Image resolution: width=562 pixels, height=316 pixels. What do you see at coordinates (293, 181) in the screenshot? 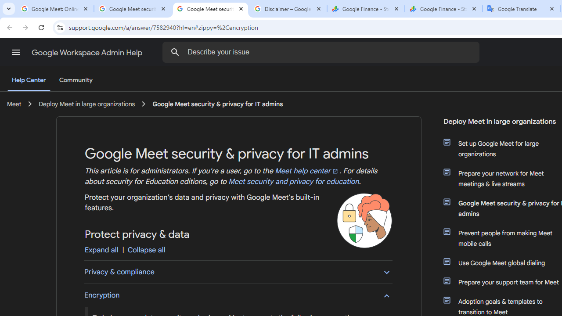
I see `'Meet security and privacy for education'` at bounding box center [293, 181].